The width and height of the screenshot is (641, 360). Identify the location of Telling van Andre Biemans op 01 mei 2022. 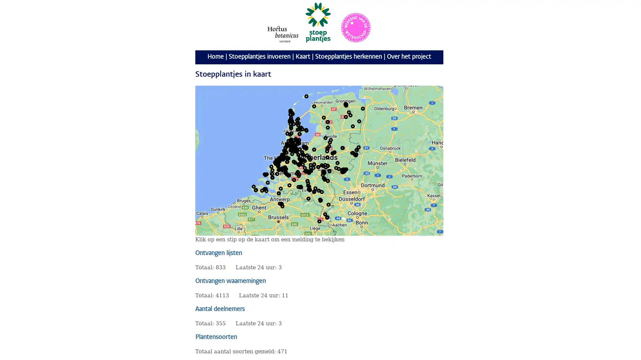
(281, 158).